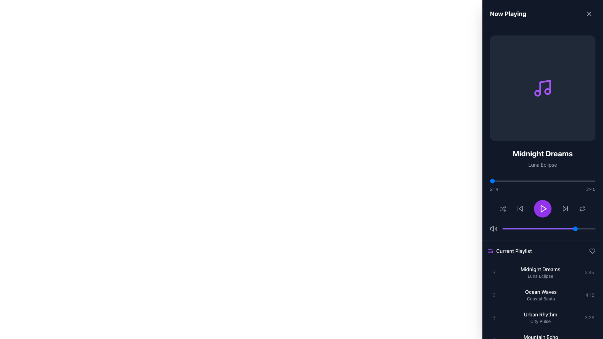 The height and width of the screenshot is (339, 603). I want to click on the label with icon that indicates the current playlist section, so click(509, 250).